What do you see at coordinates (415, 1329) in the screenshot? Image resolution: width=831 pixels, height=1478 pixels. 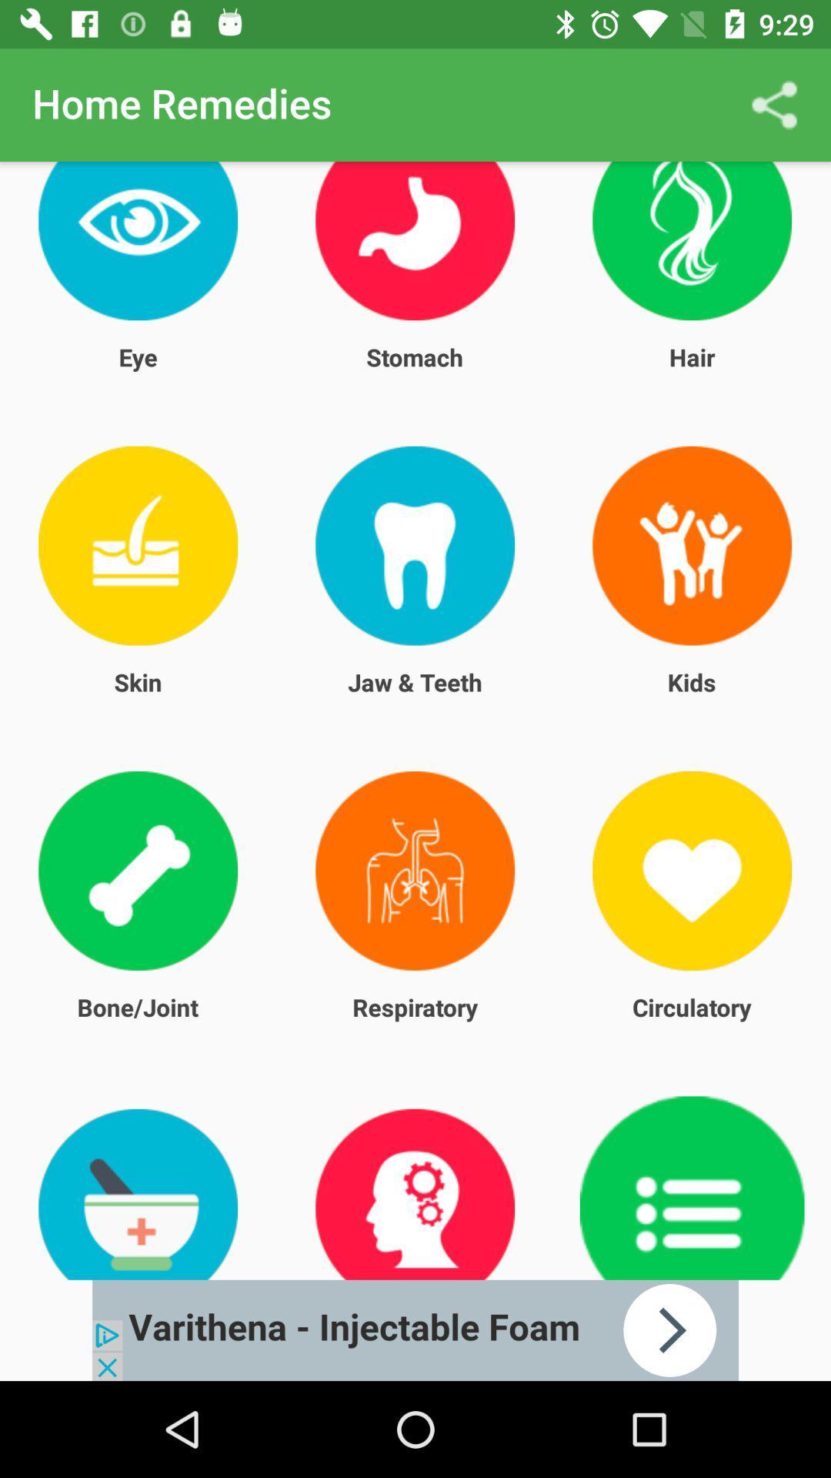 I see `advertisement link` at bounding box center [415, 1329].